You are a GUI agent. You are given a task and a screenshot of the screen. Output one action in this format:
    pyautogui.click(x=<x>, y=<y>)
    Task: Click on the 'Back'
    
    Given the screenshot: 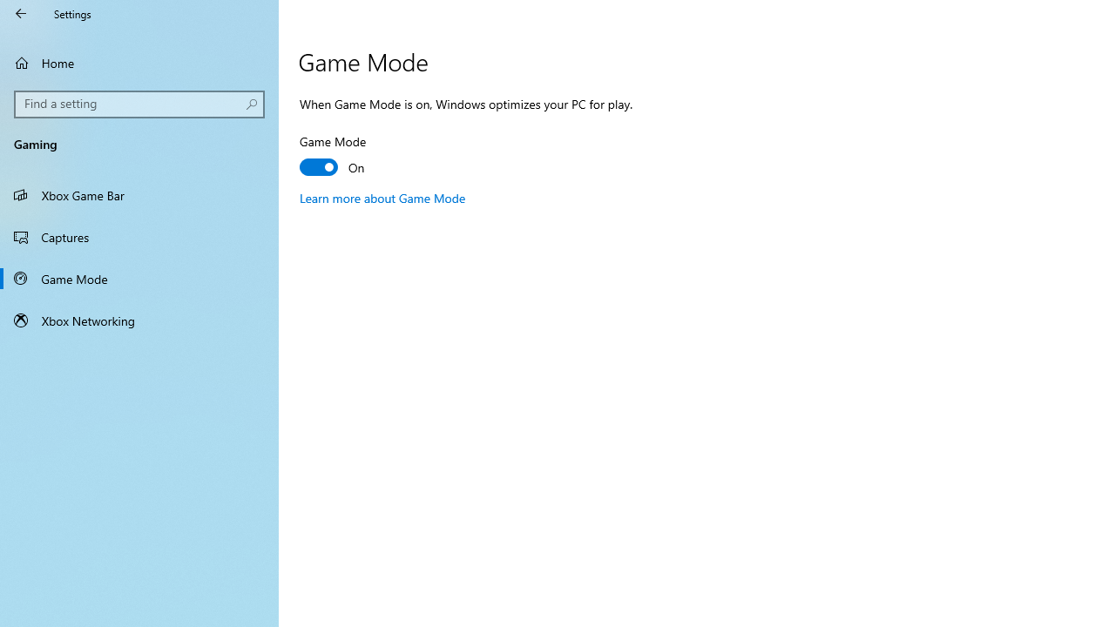 What is the action you would take?
    pyautogui.click(x=21, y=13)
    